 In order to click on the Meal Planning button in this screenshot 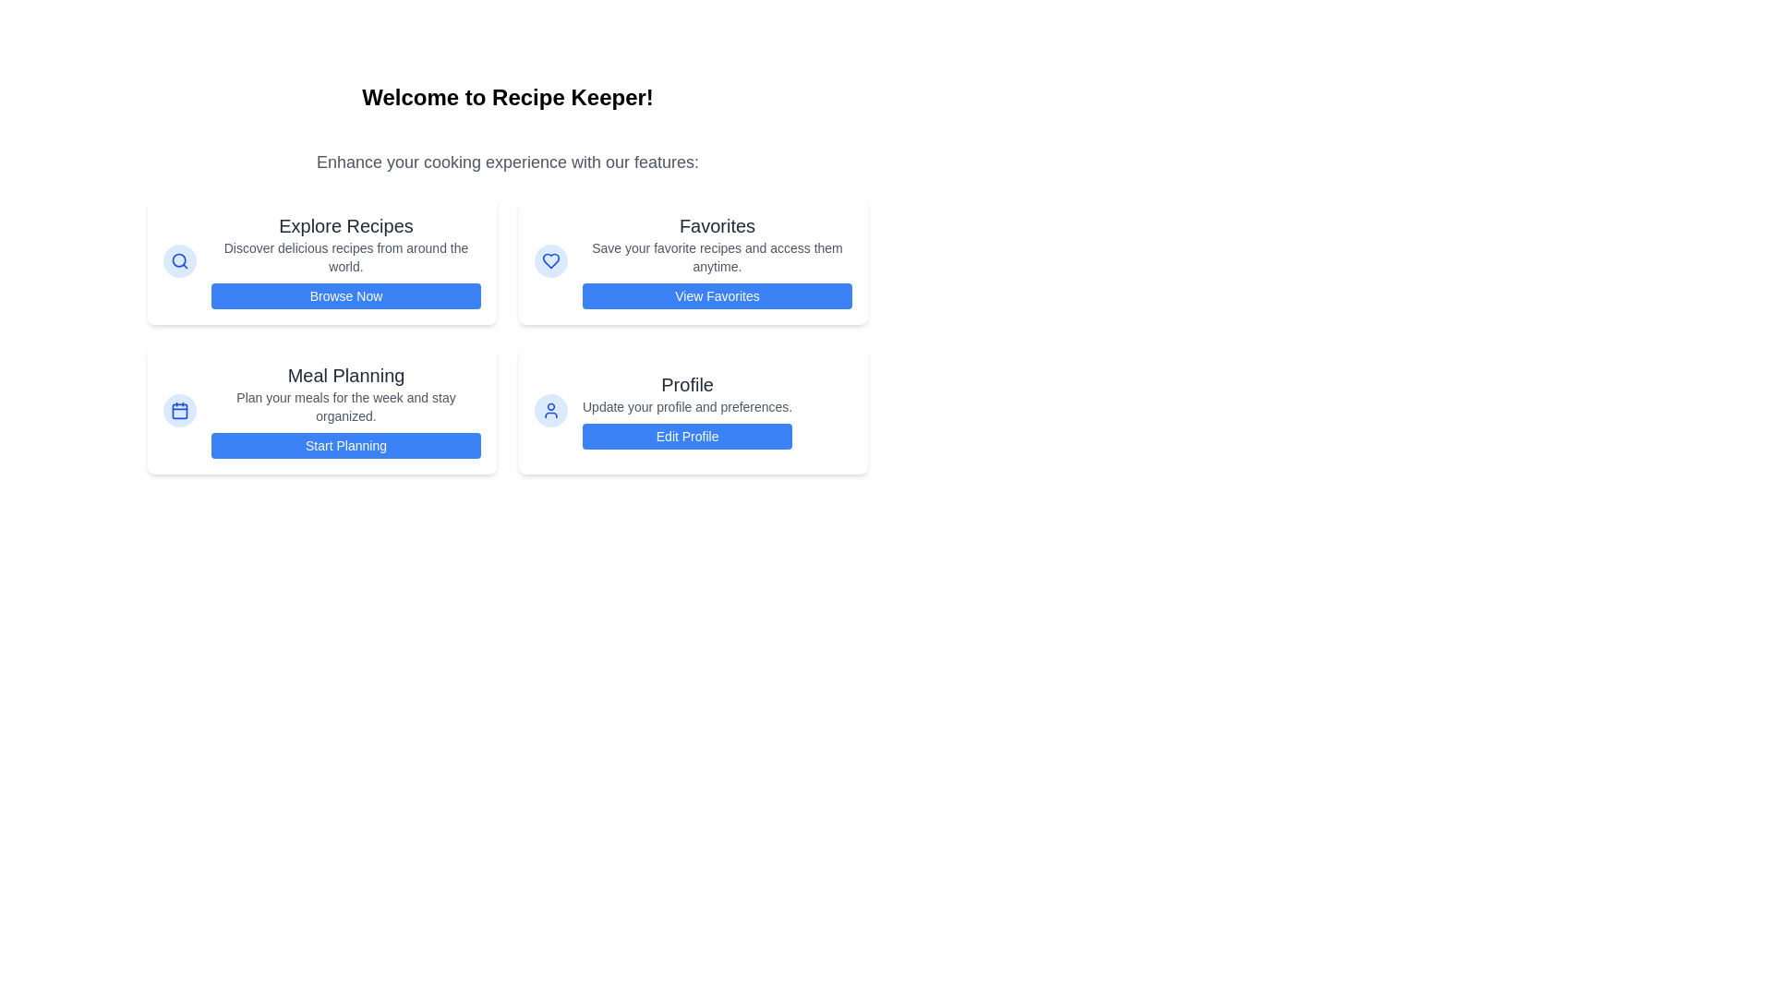, I will do `click(345, 445)`.